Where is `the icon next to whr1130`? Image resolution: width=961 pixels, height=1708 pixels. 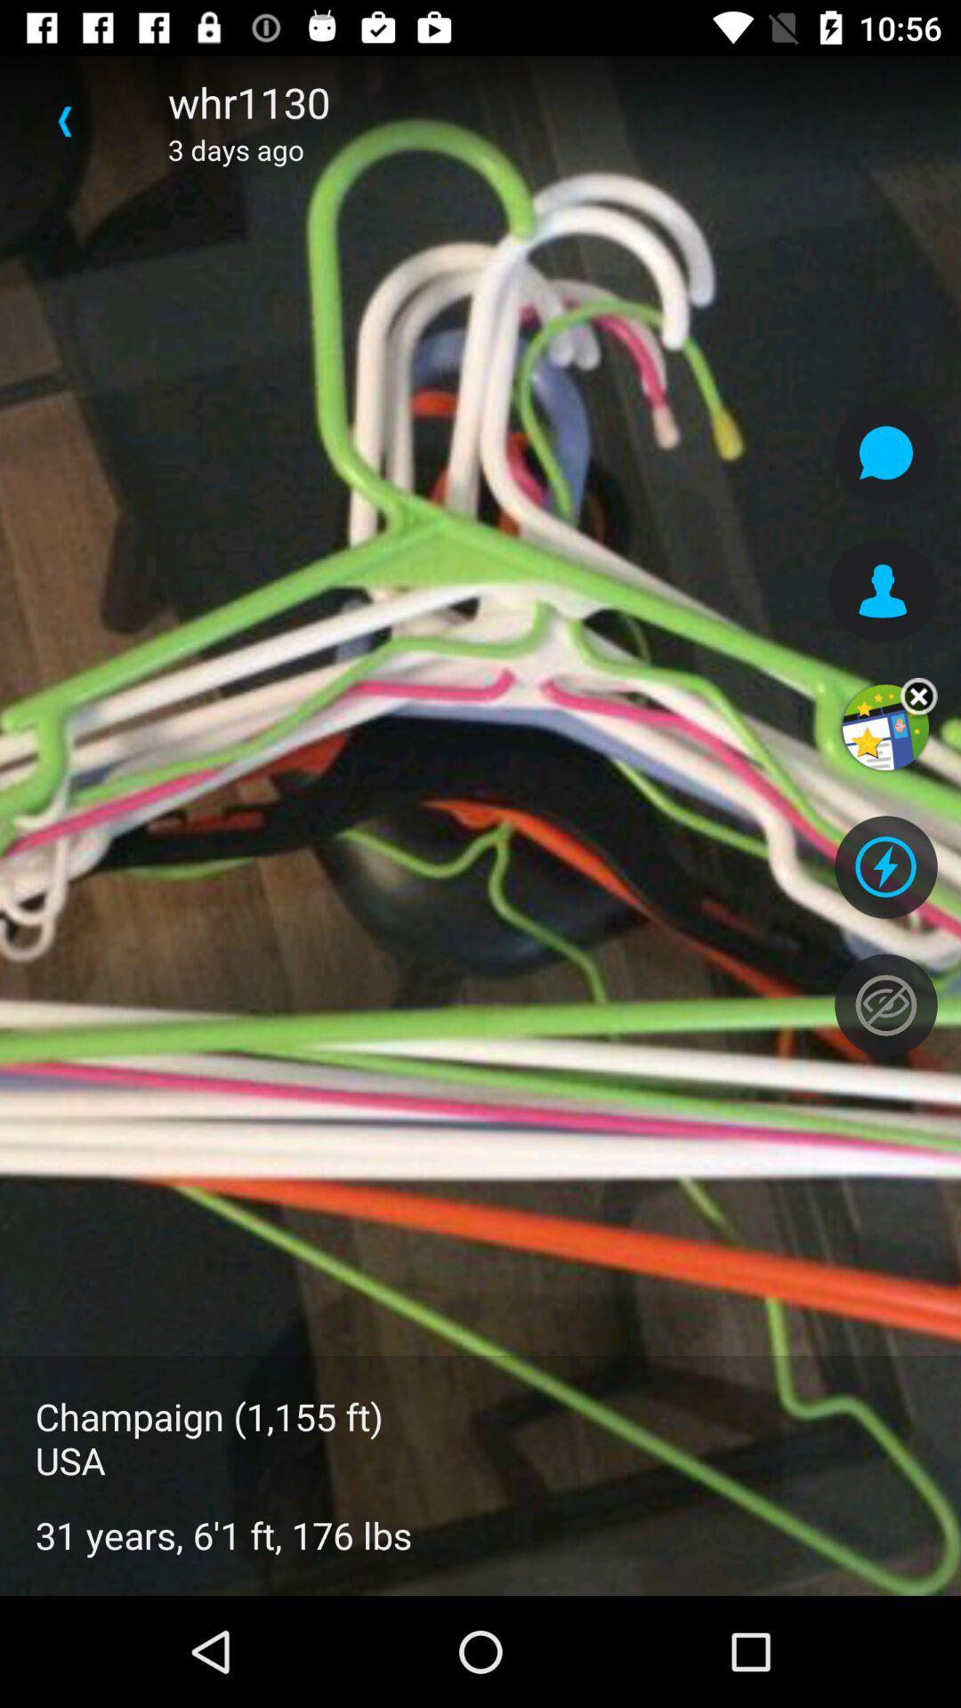
the icon next to whr1130 is located at coordinates (64, 120).